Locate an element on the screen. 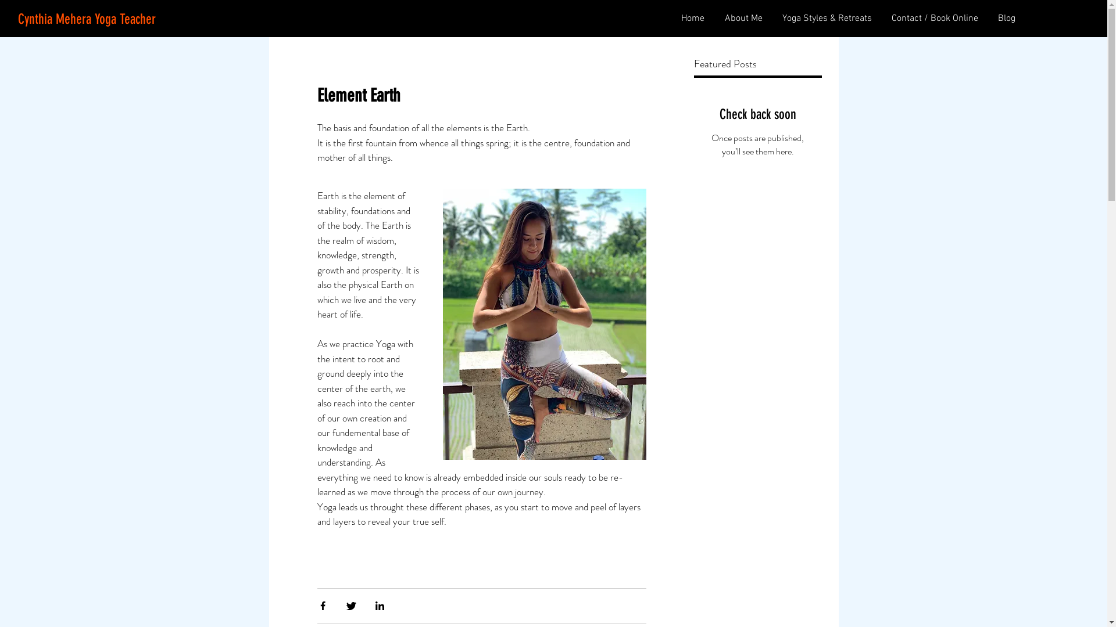 This screenshot has width=1116, height=627. 'Yoga Styles & Retreats' is located at coordinates (771, 19).